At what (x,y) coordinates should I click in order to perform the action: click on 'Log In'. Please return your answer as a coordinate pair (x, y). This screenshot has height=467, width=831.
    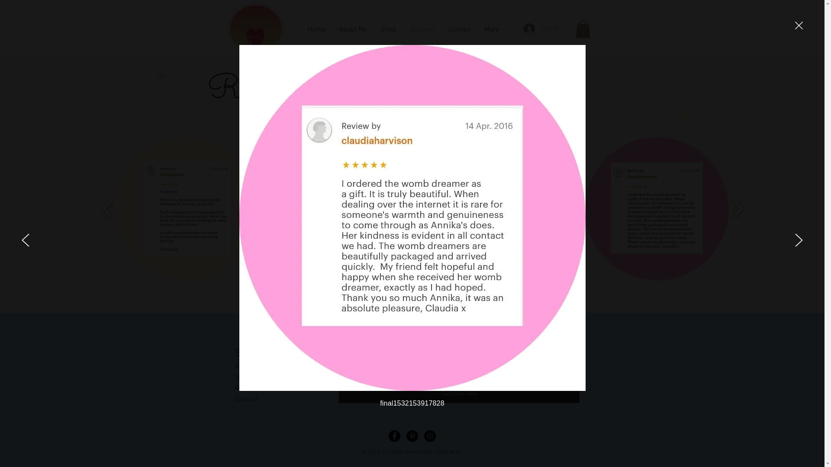
    Looking at the image, I should click on (541, 28).